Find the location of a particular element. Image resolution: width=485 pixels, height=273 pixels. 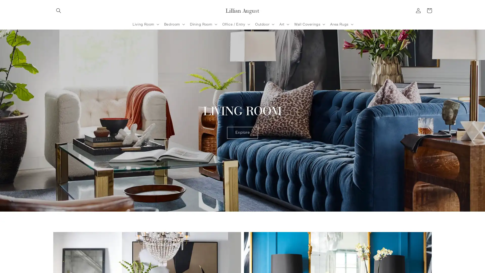

Outdoor is located at coordinates (264, 24).